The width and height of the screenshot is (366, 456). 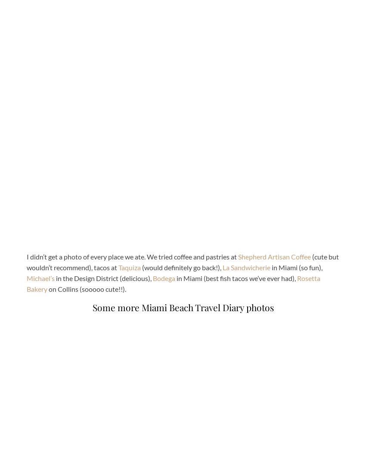 I want to click on 'Bodega', so click(x=163, y=278).